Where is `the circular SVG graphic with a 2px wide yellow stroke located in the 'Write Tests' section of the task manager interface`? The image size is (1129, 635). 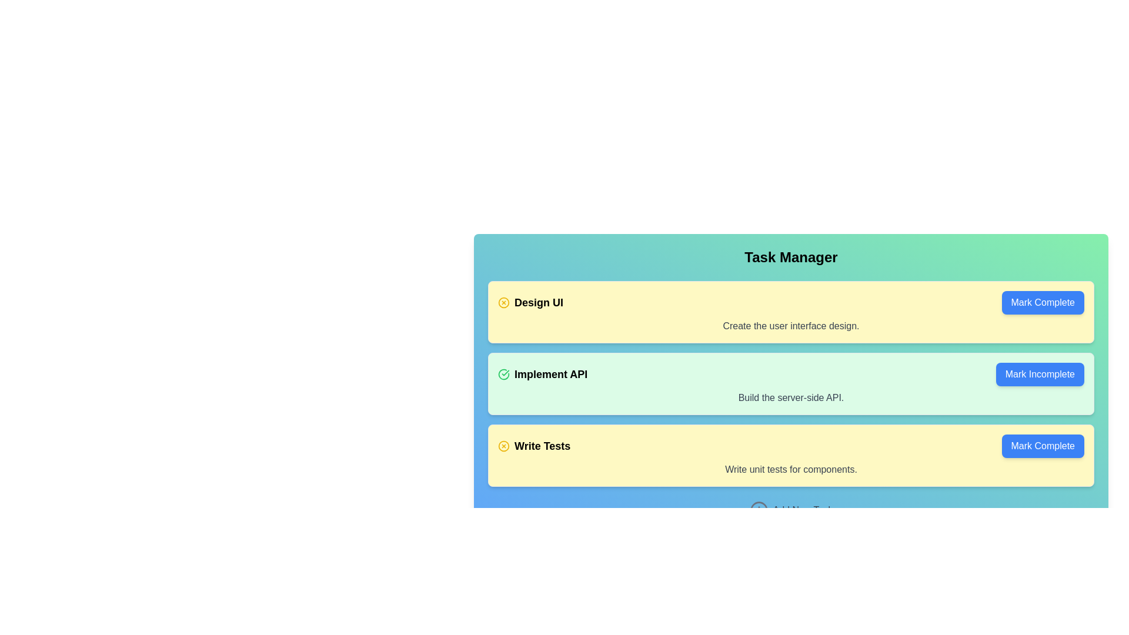
the circular SVG graphic with a 2px wide yellow stroke located in the 'Write Tests' section of the task manager interface is located at coordinates (504, 446).